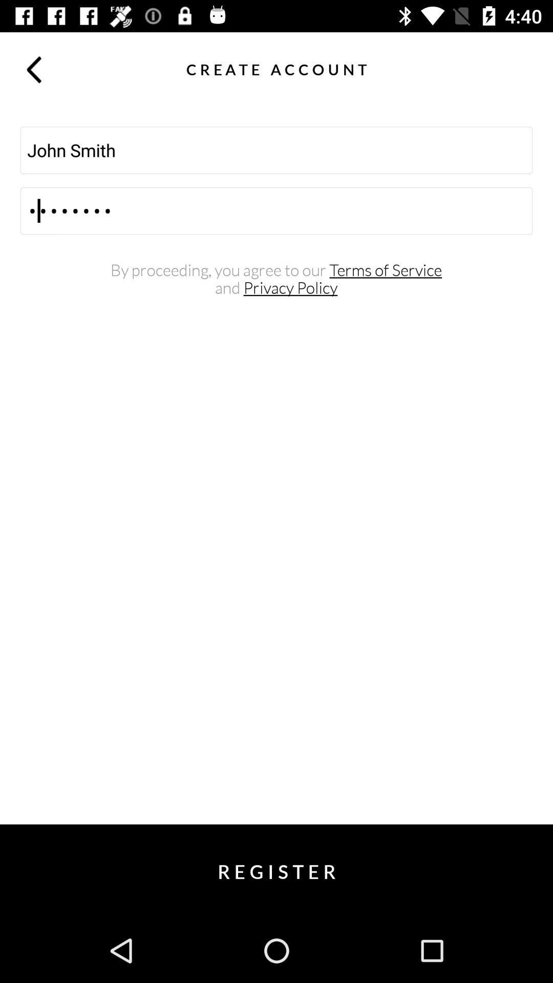 The width and height of the screenshot is (553, 983). What do you see at coordinates (276, 210) in the screenshot?
I see `icon above the by proceeding you item` at bounding box center [276, 210].